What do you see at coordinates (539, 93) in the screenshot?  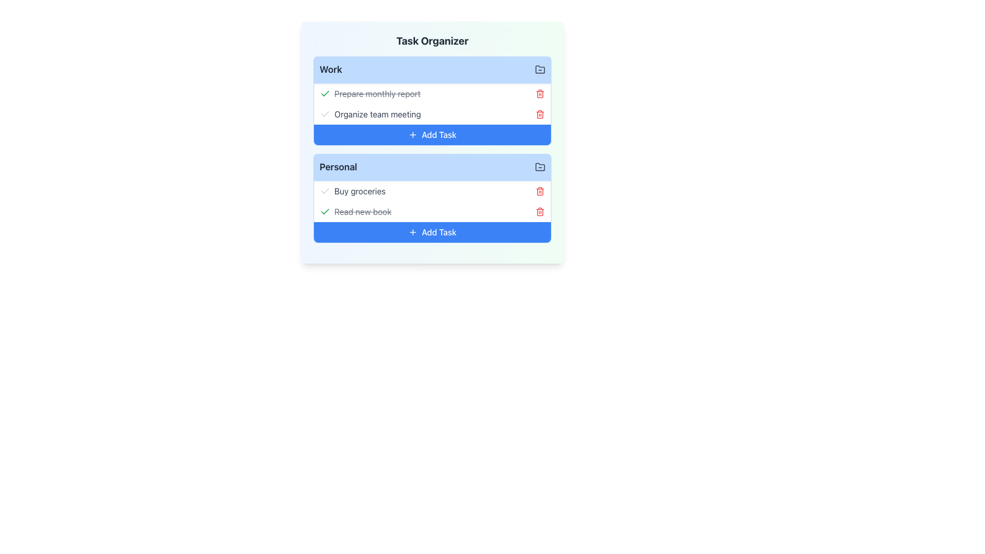 I see `the small red trash can icon` at bounding box center [539, 93].